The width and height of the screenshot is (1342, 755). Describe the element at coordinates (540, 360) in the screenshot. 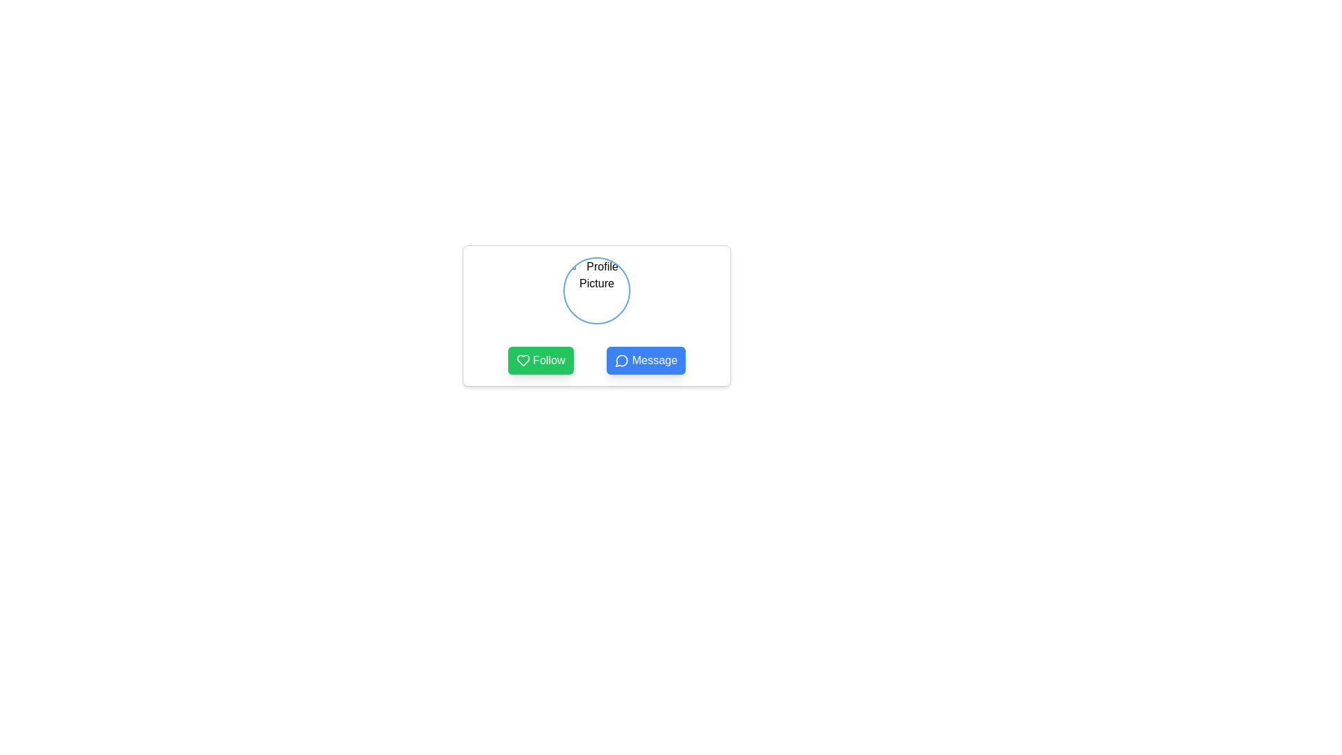

I see `the green 'Follow' button with a white heart icon using keyboard navigation` at that location.